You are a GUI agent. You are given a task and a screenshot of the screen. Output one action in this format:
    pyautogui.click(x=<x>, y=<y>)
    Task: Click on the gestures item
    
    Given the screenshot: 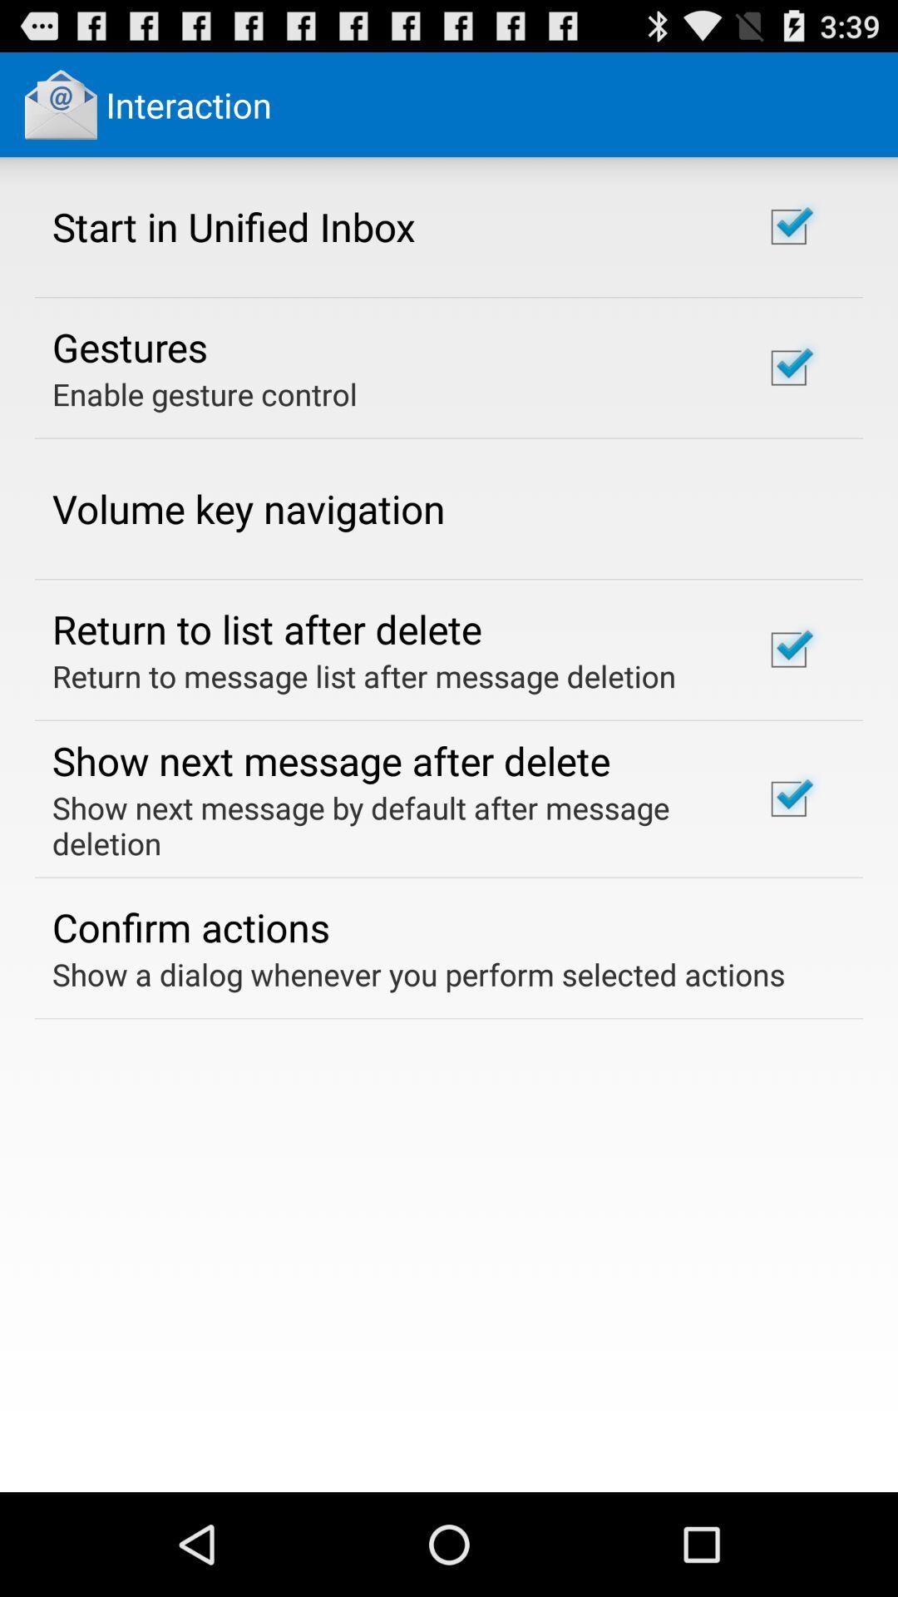 What is the action you would take?
    pyautogui.click(x=129, y=346)
    